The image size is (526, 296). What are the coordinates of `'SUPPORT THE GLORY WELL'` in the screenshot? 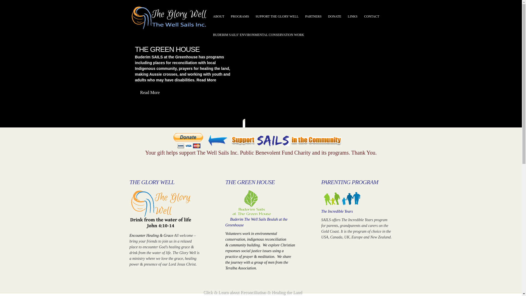 It's located at (277, 16).